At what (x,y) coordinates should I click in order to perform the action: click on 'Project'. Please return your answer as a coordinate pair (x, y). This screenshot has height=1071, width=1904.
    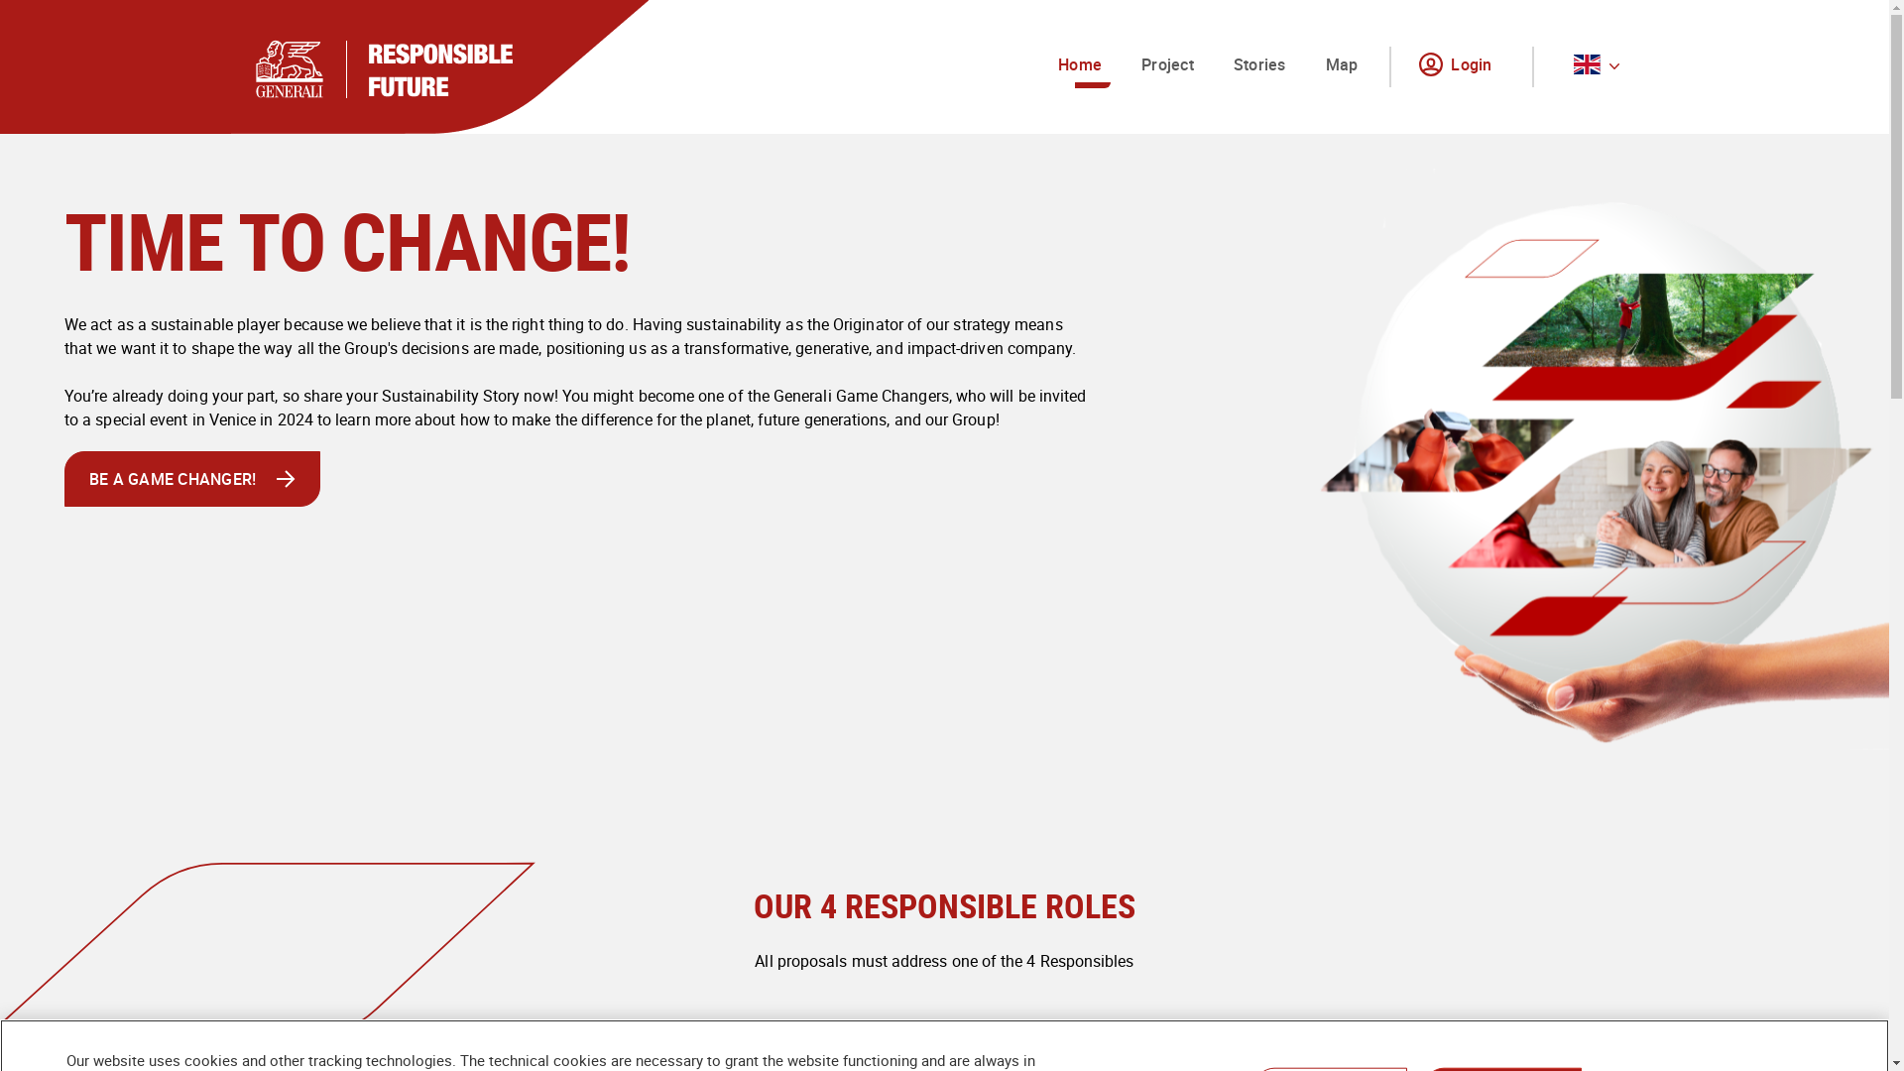
    Looking at the image, I should click on (1132, 65).